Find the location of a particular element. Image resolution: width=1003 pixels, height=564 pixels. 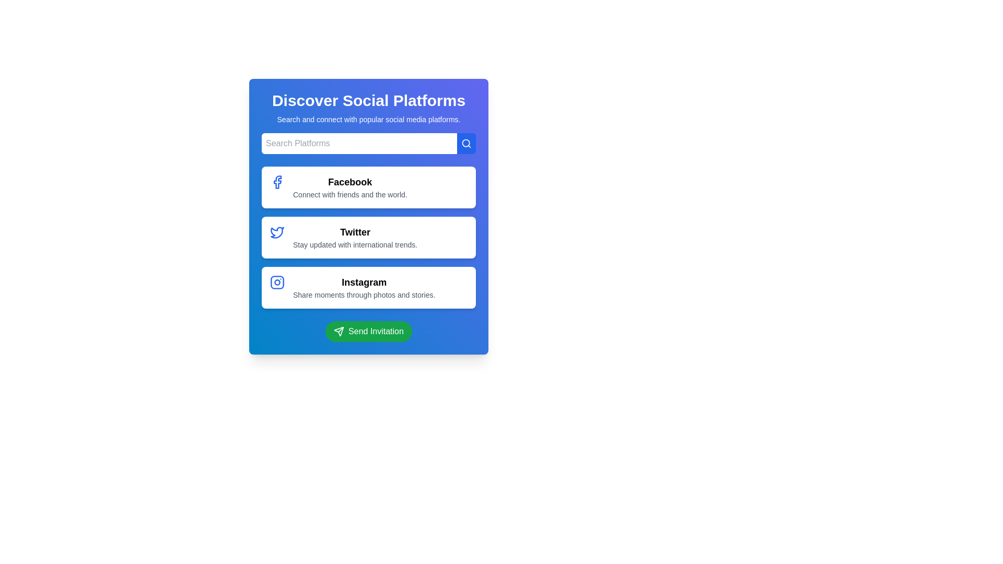

text of the heading that says 'Discover Social Platforms', which is prominently displayed at the top of the card with a gradient blue background is located at coordinates (368, 100).